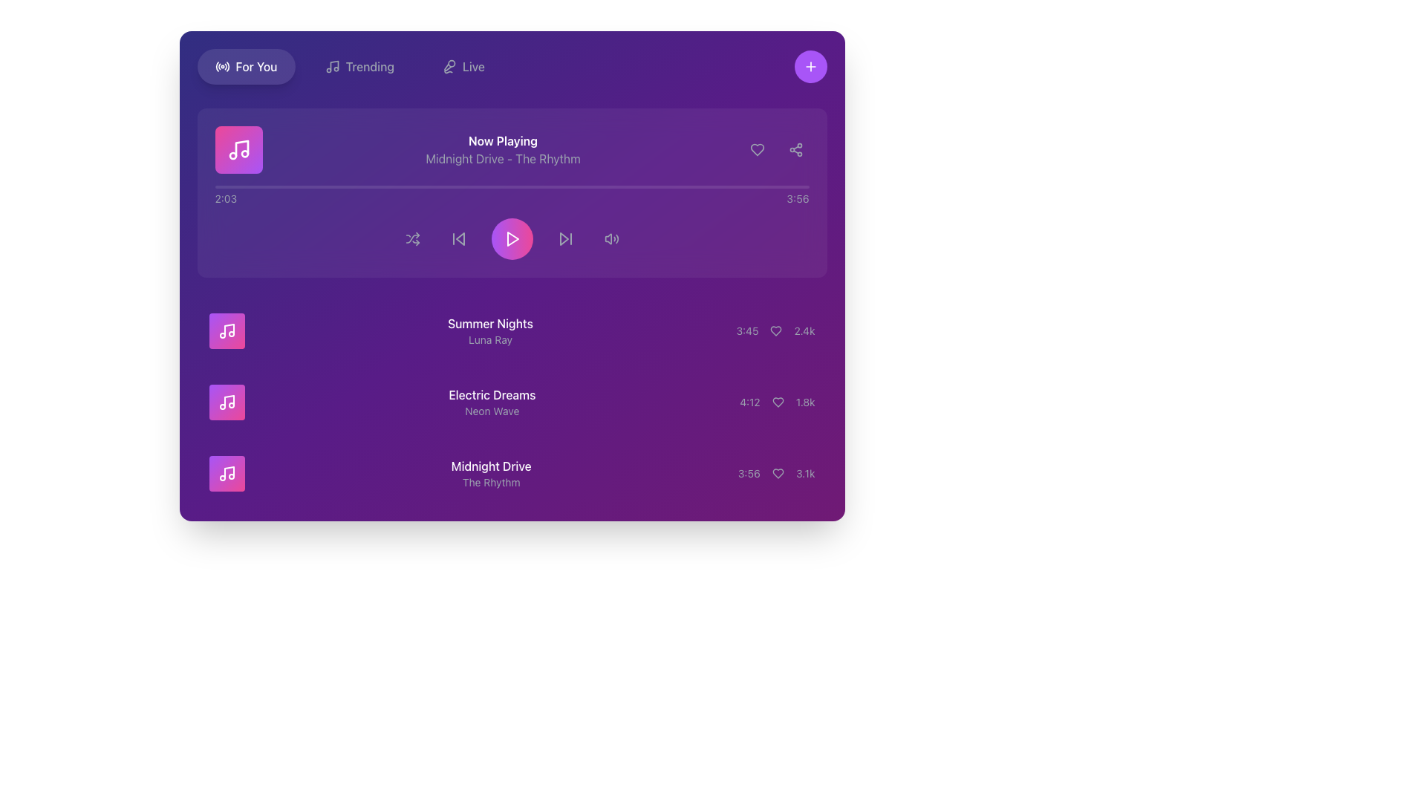  Describe the element at coordinates (492, 411) in the screenshot. I see `the text label displaying 'Neon Wave', which is styled with a gray font color and located below the 'Electric Dreams' title in the playlist` at that location.